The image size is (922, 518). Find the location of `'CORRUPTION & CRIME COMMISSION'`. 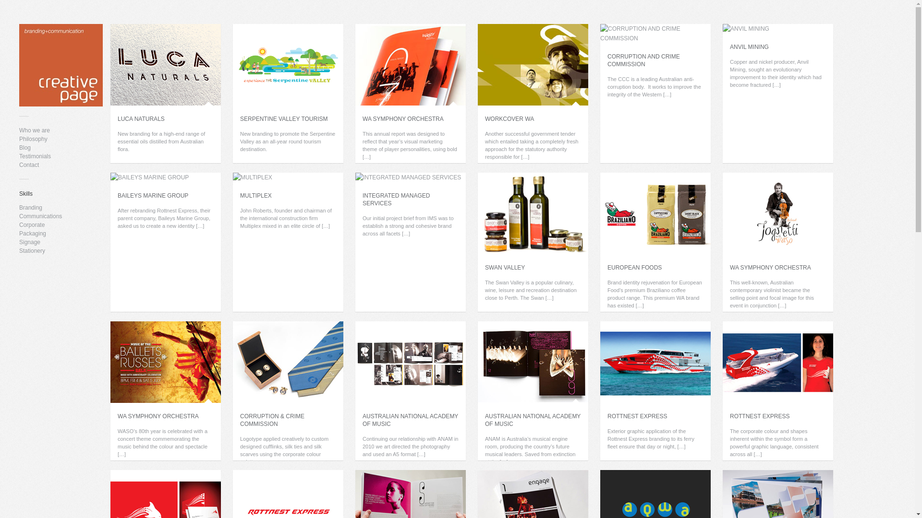

'CORRUPTION & CRIME COMMISSION' is located at coordinates (271, 419).